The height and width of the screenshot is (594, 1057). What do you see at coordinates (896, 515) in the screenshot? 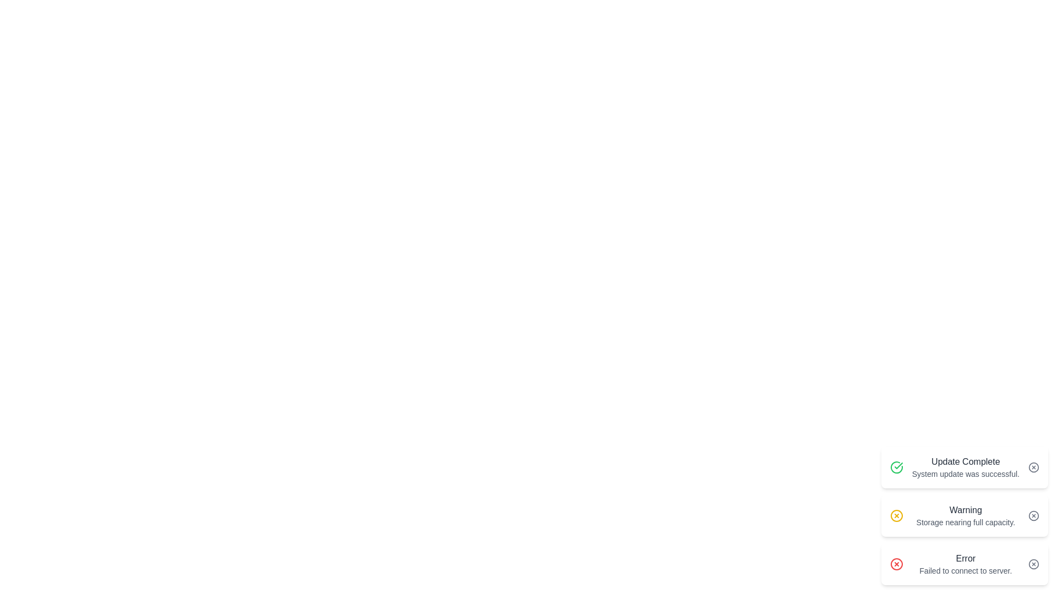
I see `the decorative SVG circle element that visually emphasizes the notification icon in the lower-right corner of the interface` at bounding box center [896, 515].